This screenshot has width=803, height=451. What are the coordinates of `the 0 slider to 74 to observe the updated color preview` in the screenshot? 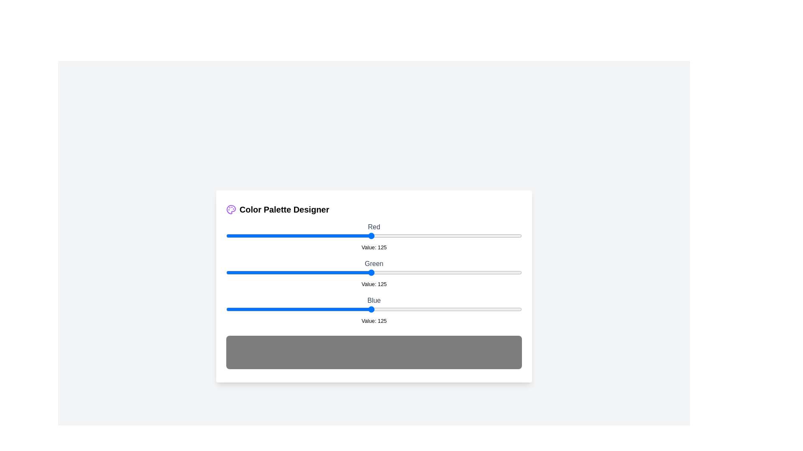 It's located at (312, 236).